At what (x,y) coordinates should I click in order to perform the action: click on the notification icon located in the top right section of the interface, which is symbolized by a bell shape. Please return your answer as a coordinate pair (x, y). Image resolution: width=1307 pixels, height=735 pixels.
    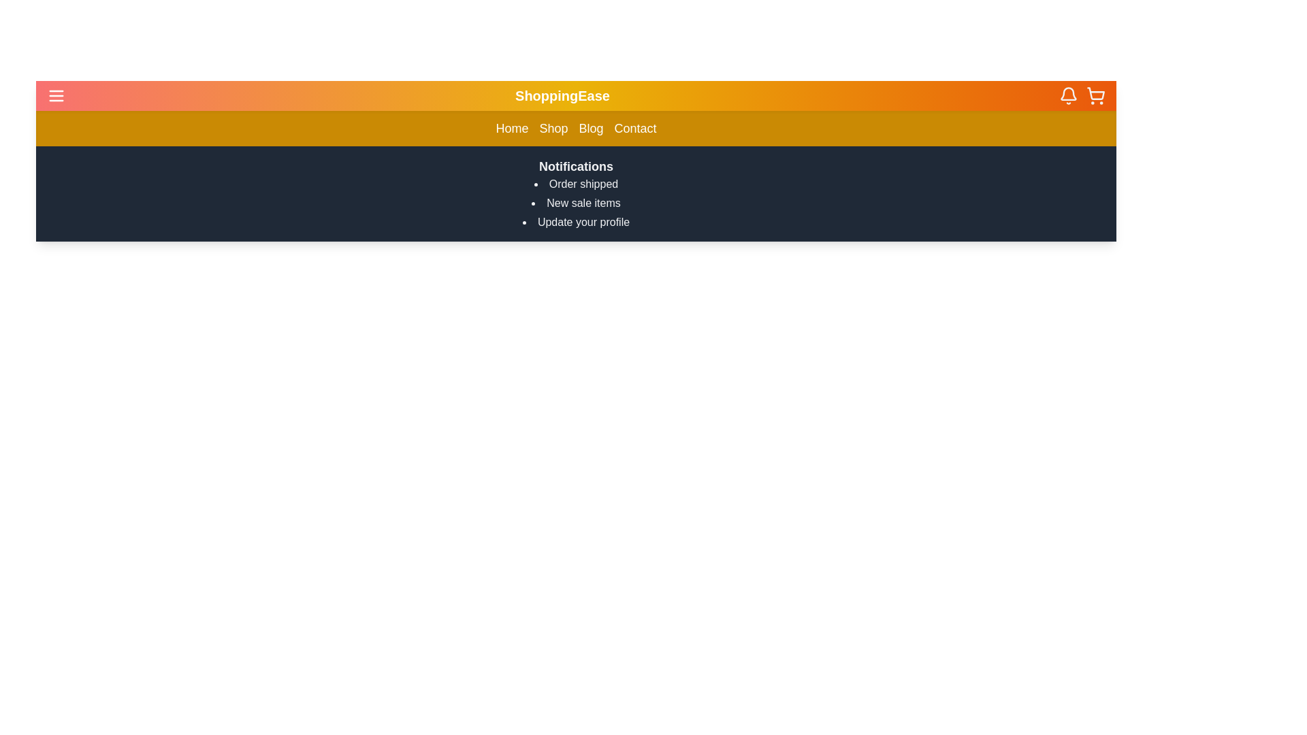
    Looking at the image, I should click on (1067, 93).